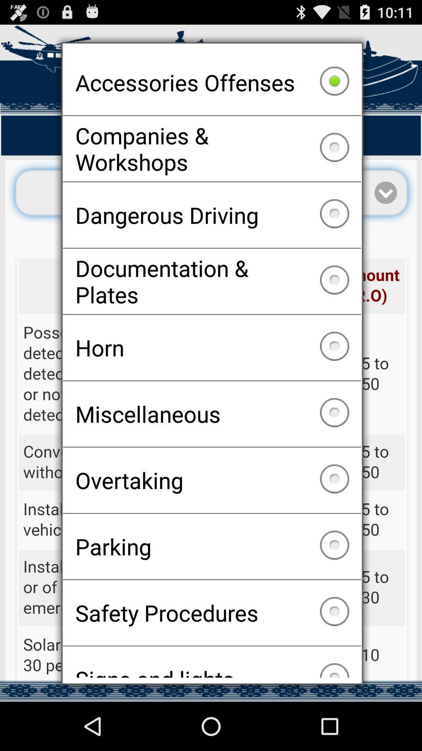 This screenshot has width=422, height=751. Describe the element at coordinates (212, 82) in the screenshot. I see `accessories offenses checkbox` at that location.